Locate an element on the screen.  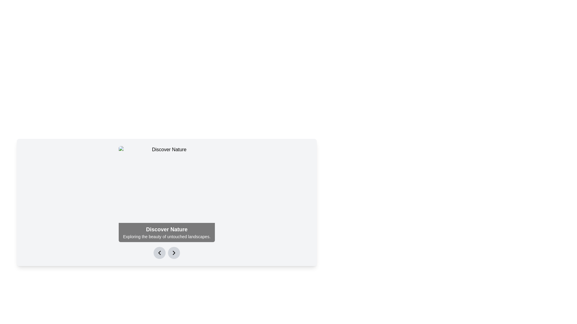
the leftmost navigation button below the content area is located at coordinates (160, 253).